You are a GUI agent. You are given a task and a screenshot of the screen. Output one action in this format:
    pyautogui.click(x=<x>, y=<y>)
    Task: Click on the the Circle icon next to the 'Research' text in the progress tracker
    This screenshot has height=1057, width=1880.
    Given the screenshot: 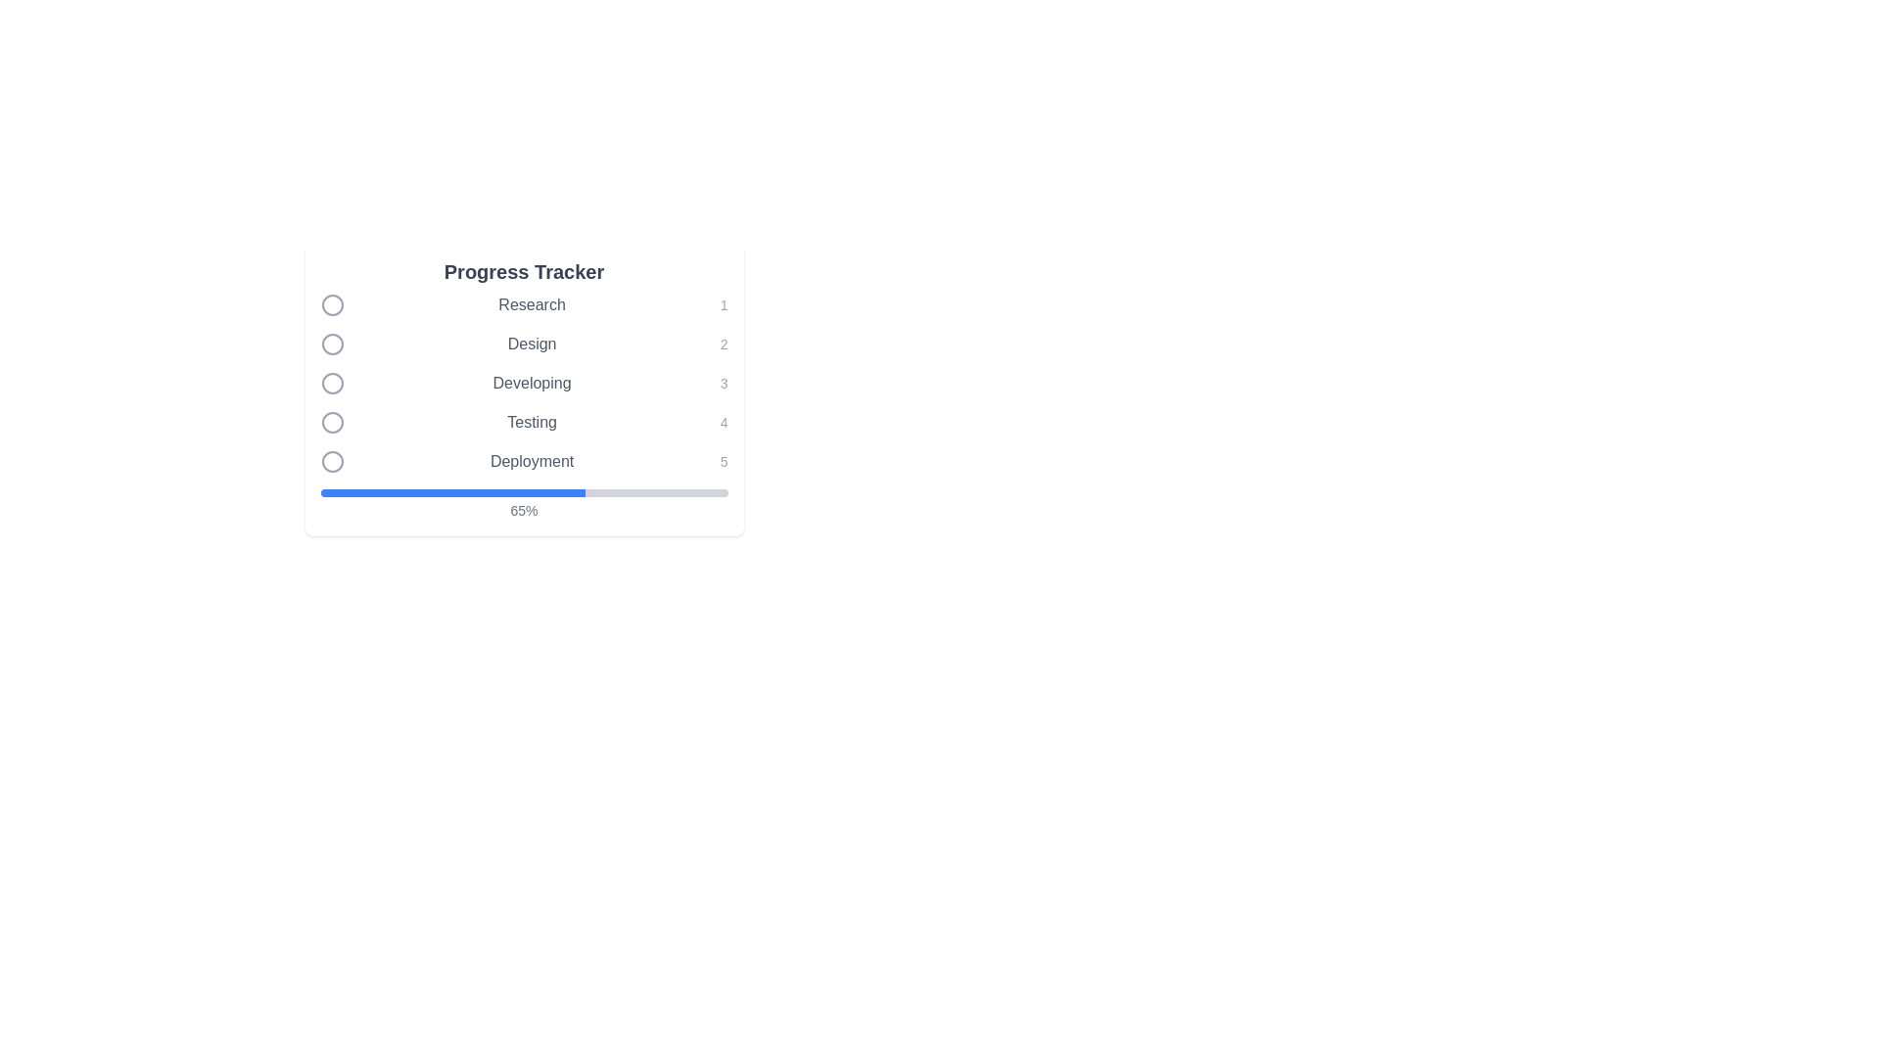 What is the action you would take?
    pyautogui.click(x=332, y=305)
    